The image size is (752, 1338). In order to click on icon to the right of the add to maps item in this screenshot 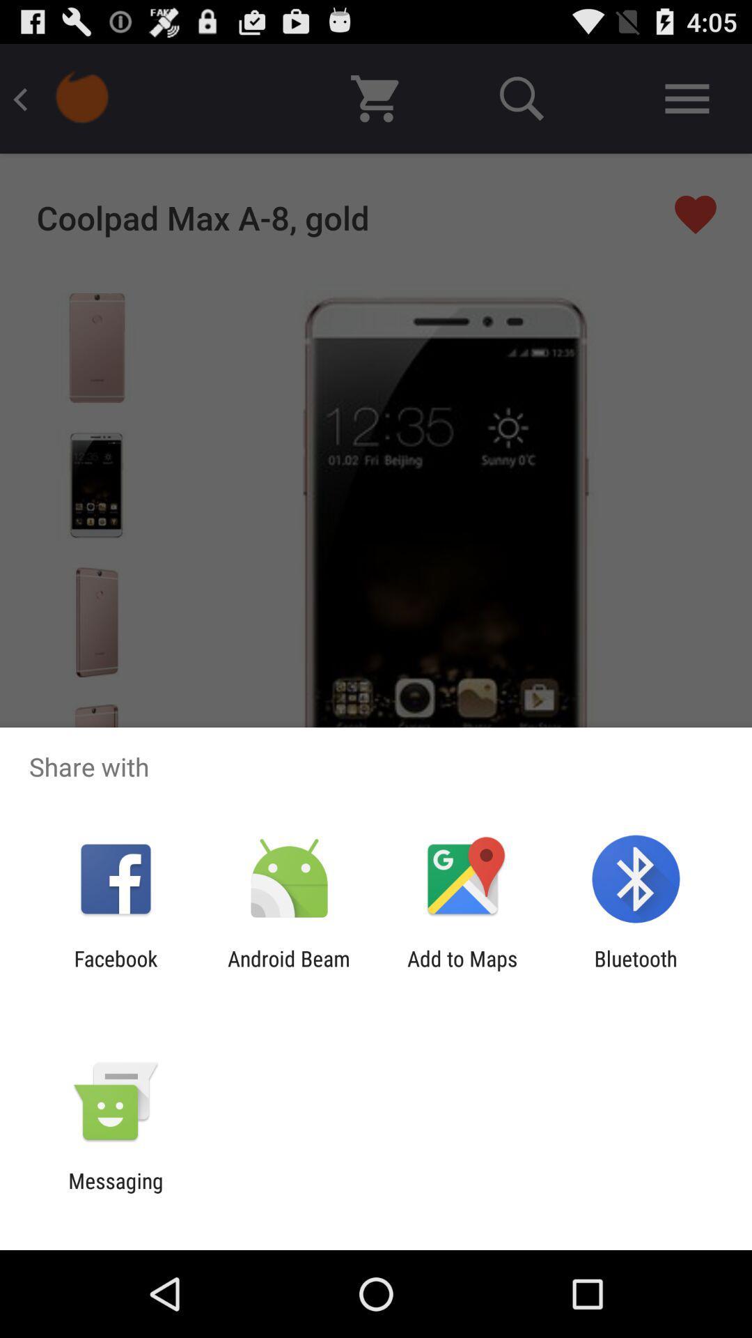, I will do `click(636, 970)`.